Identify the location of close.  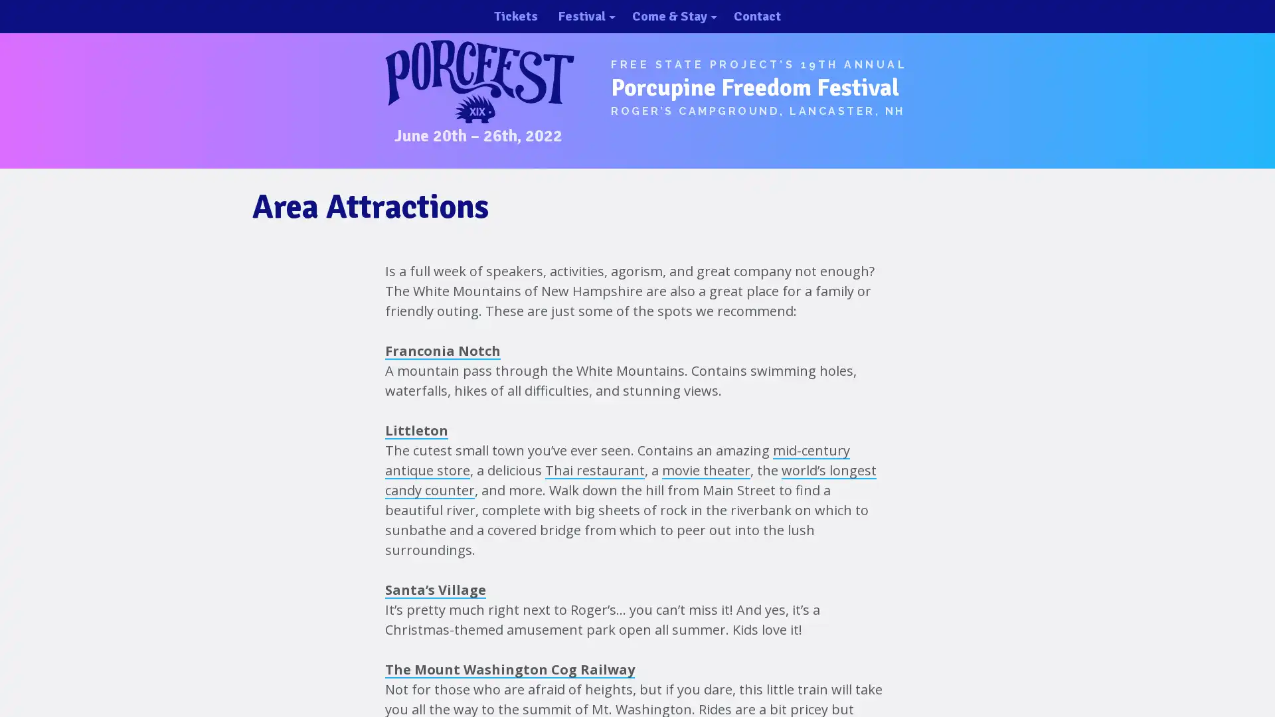
(1232, 53).